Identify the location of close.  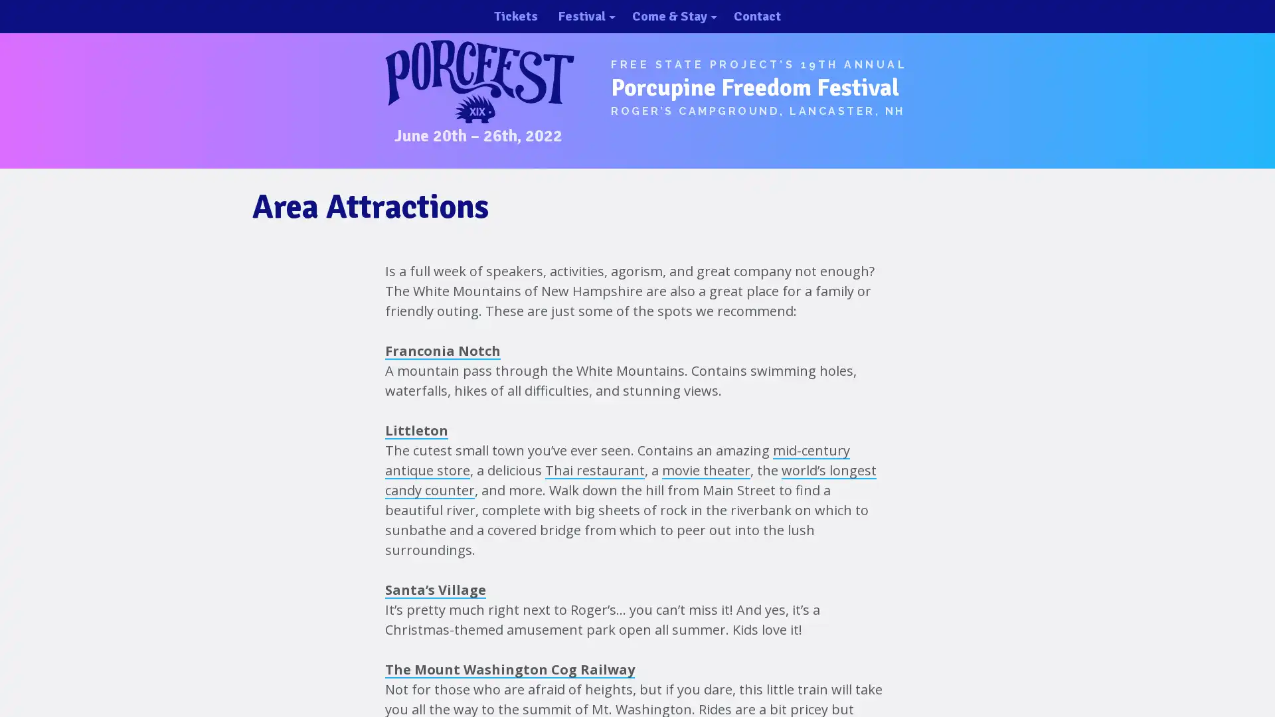
(1232, 53).